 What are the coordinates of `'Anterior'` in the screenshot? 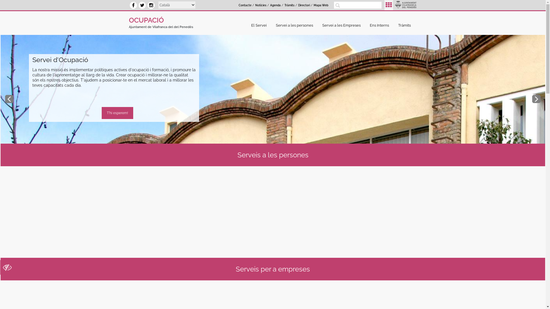 It's located at (9, 99).